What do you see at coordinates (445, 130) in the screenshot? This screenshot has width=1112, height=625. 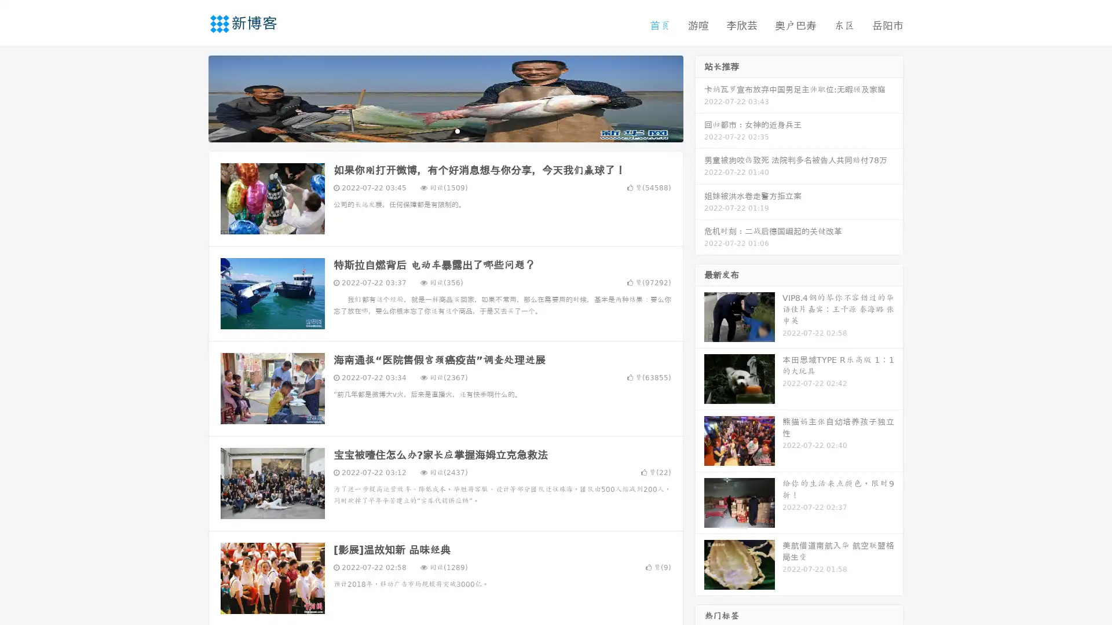 I see `Go to slide 2` at bounding box center [445, 130].